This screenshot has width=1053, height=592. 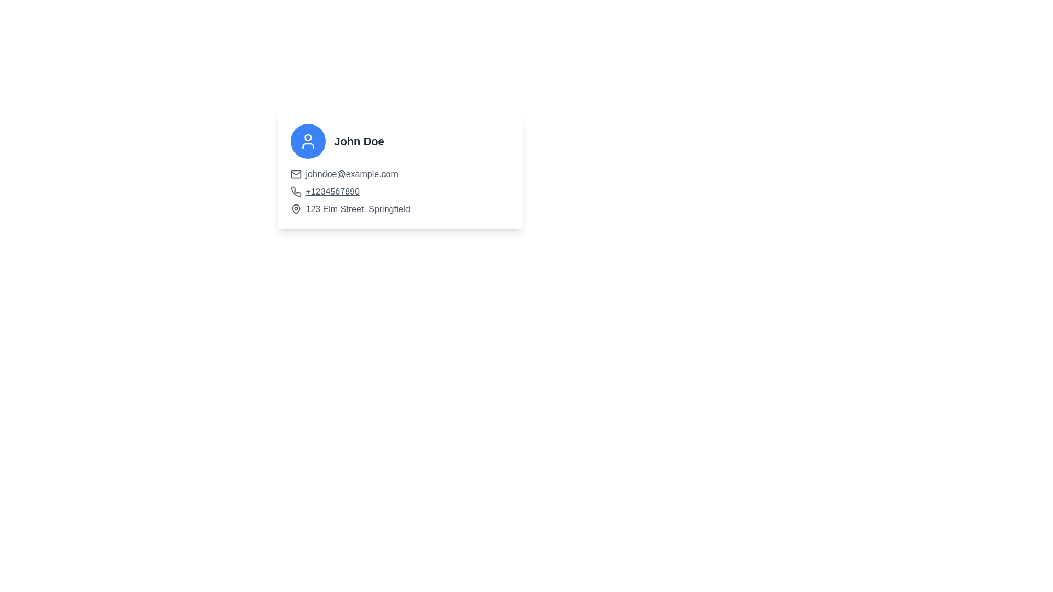 What do you see at coordinates (399, 173) in the screenshot?
I see `the Email link labeled 'johndoe@example.com', which is the first item in the contact information card` at bounding box center [399, 173].